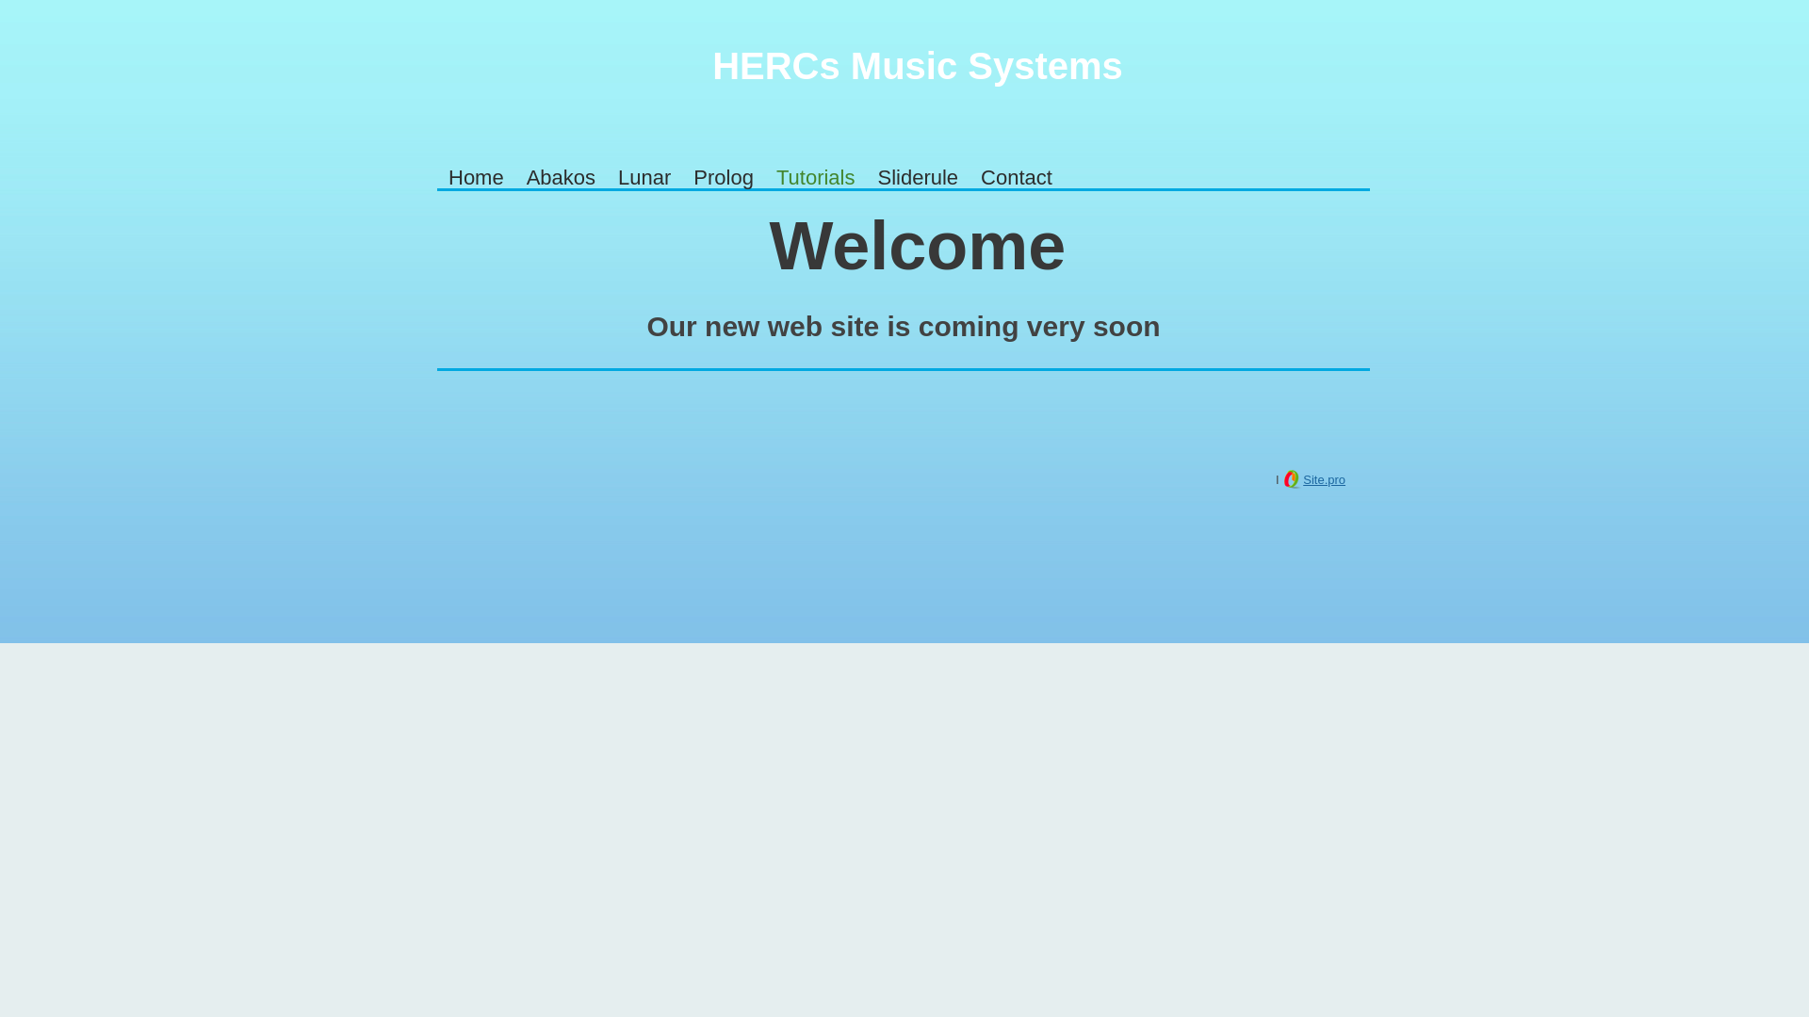 This screenshot has height=1017, width=1809. Describe the element at coordinates (446, 178) in the screenshot. I see `'Home'` at that location.